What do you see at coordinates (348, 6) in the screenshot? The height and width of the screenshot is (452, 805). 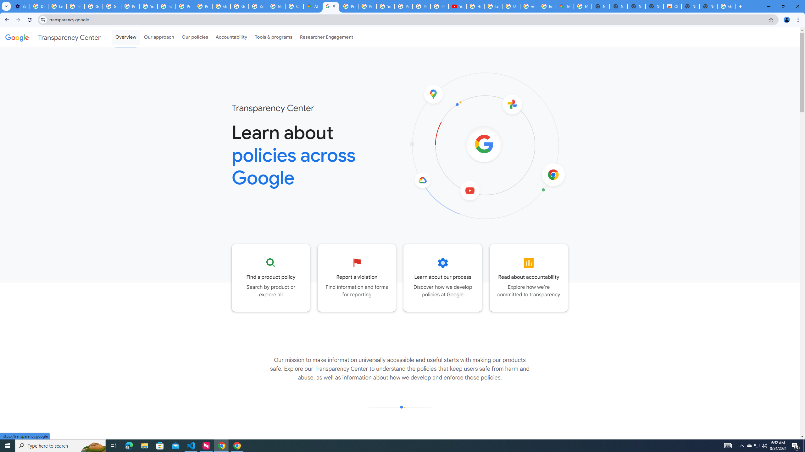 I see `'Privacy Help Center - Policies Help'` at bounding box center [348, 6].